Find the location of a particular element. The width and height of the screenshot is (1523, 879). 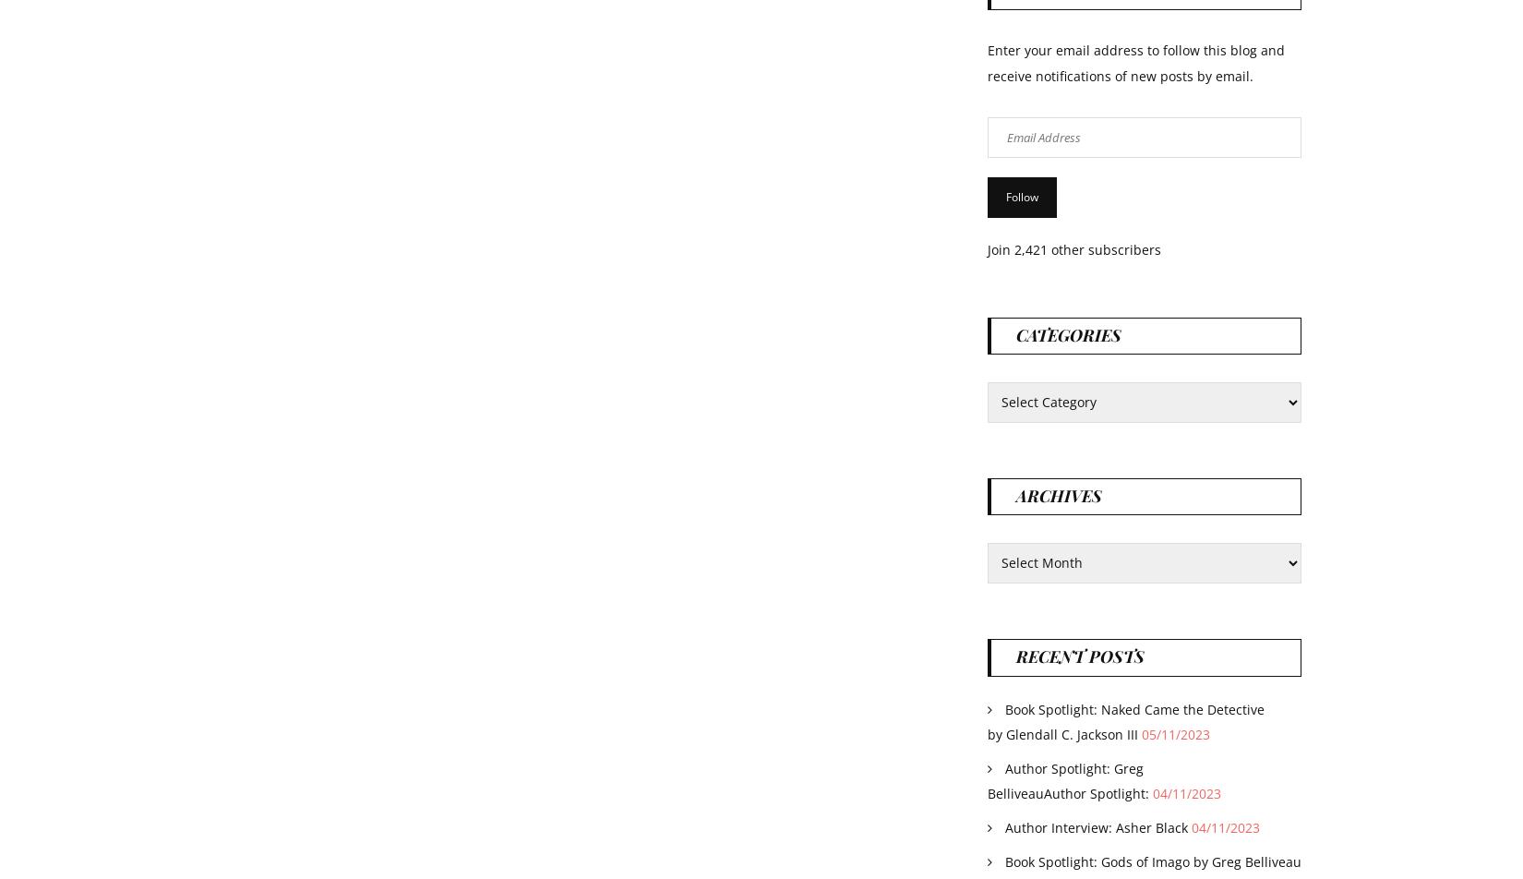

'Book Spotlight: Naked Came the Detective by Glendall C. Jackson III' is located at coordinates (1126, 721).